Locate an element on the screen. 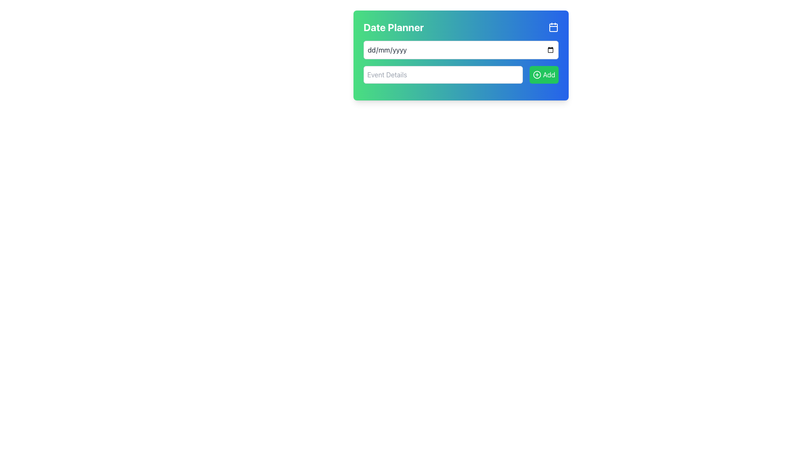 The height and width of the screenshot is (454, 807). the circular icon with a plus symbol inside, located to the left of the 'Add' button is located at coordinates (536, 74).